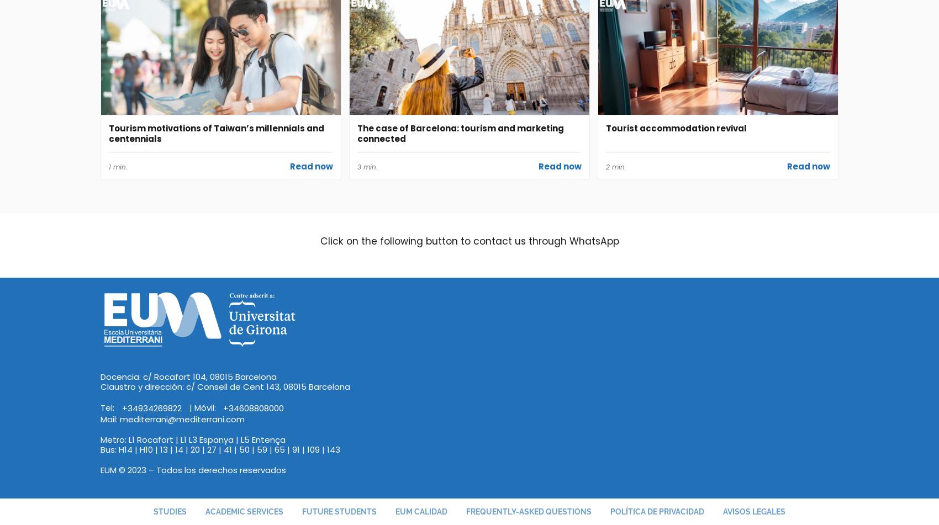  What do you see at coordinates (528, 510) in the screenshot?
I see `'Frequently-asked questions'` at bounding box center [528, 510].